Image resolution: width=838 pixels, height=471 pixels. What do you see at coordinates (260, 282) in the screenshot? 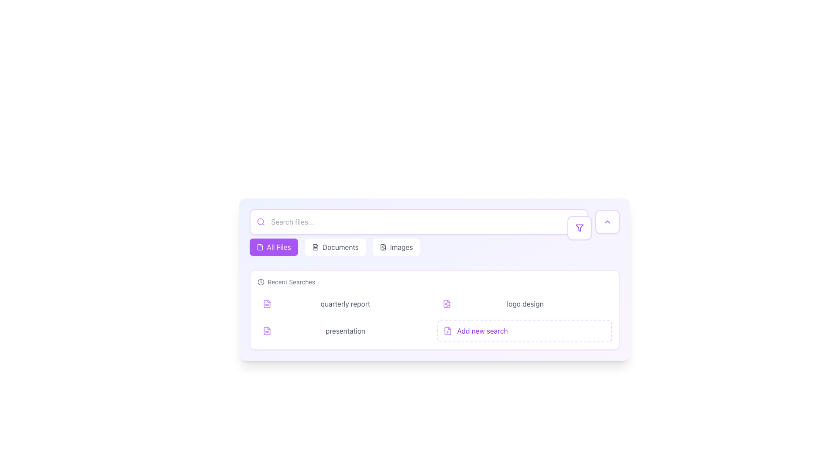
I see `the decorative icon indicating time or history located at the far-left side of the 'Recent Searches' section` at bounding box center [260, 282].